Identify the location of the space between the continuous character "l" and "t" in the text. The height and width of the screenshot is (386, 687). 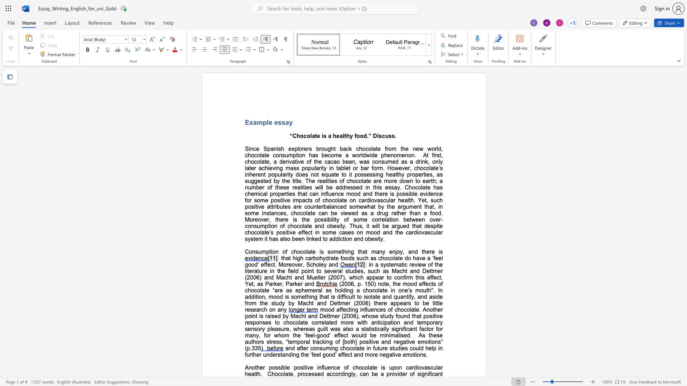
(256, 373).